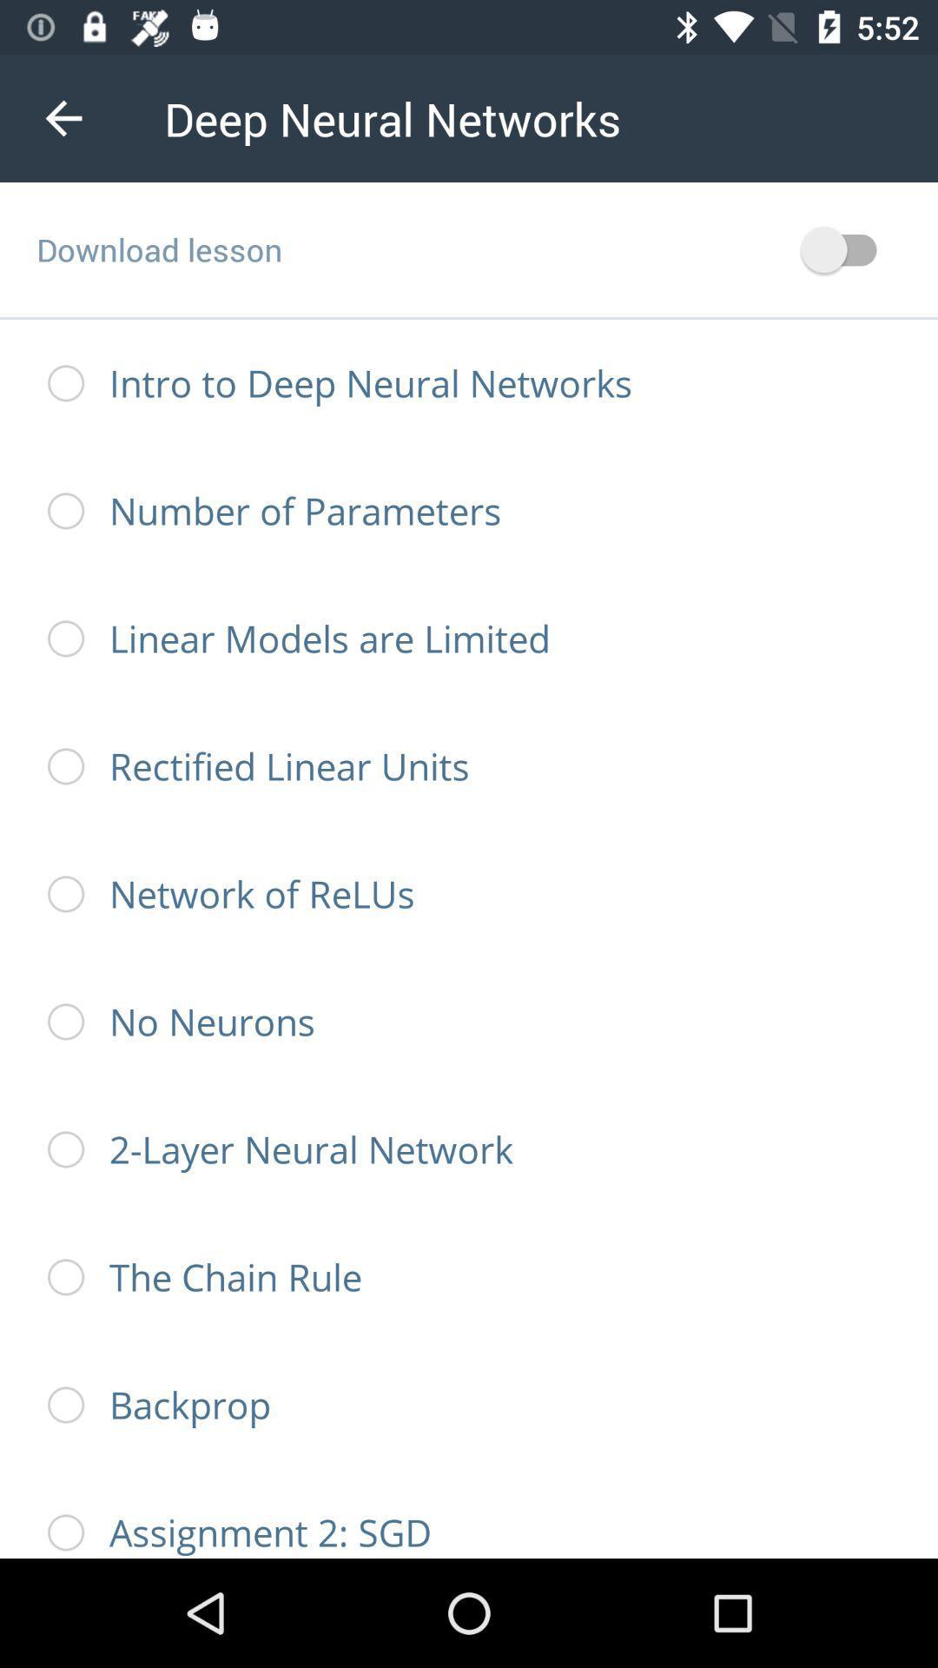 The image size is (938, 1668). What do you see at coordinates (846, 248) in the screenshot?
I see `download button` at bounding box center [846, 248].